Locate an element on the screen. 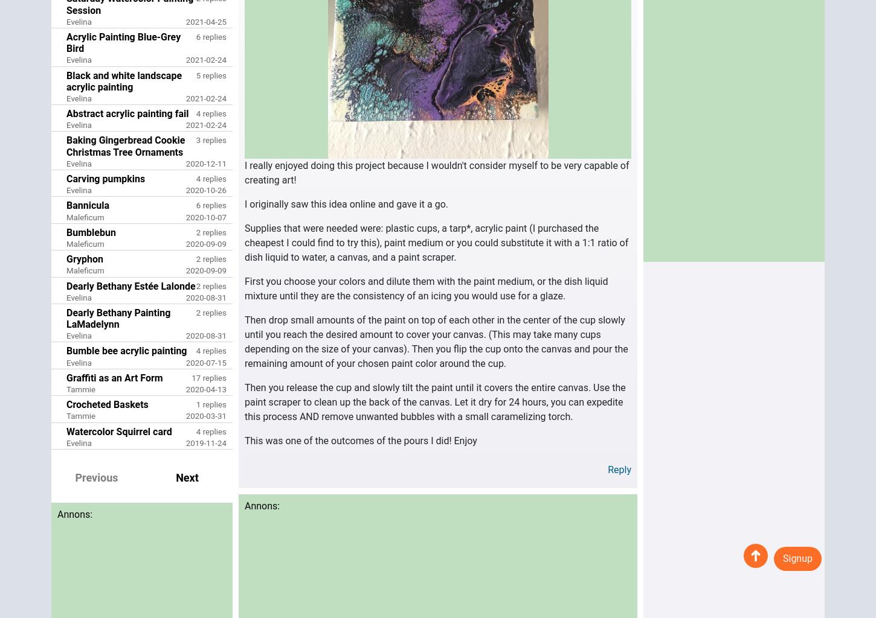  '2021-04-25' is located at coordinates (185, 21).